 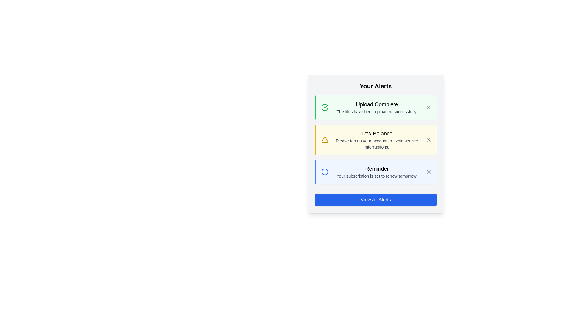 I want to click on the text label that informs the user about the account's low balance, which is located within a notification-style card under the 'Low Balance' title, so click(x=377, y=144).